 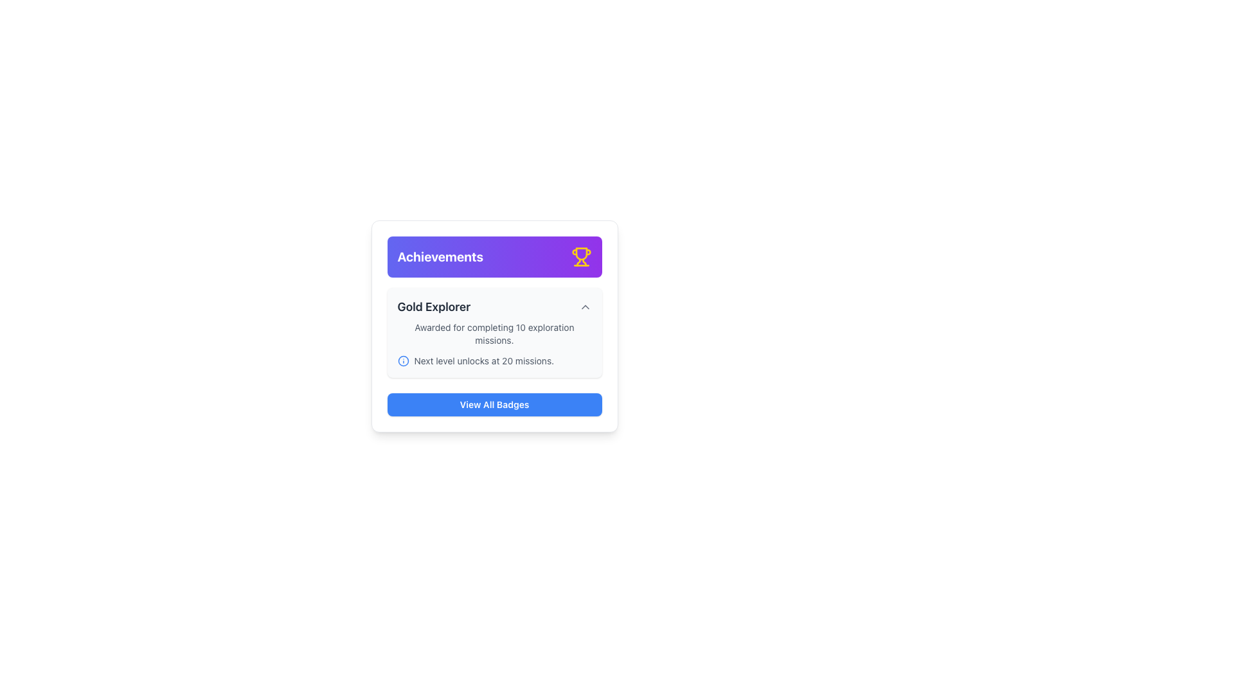 What do you see at coordinates (440, 257) in the screenshot?
I see `the section header text that indicates achievements to trigger a tooltip` at bounding box center [440, 257].